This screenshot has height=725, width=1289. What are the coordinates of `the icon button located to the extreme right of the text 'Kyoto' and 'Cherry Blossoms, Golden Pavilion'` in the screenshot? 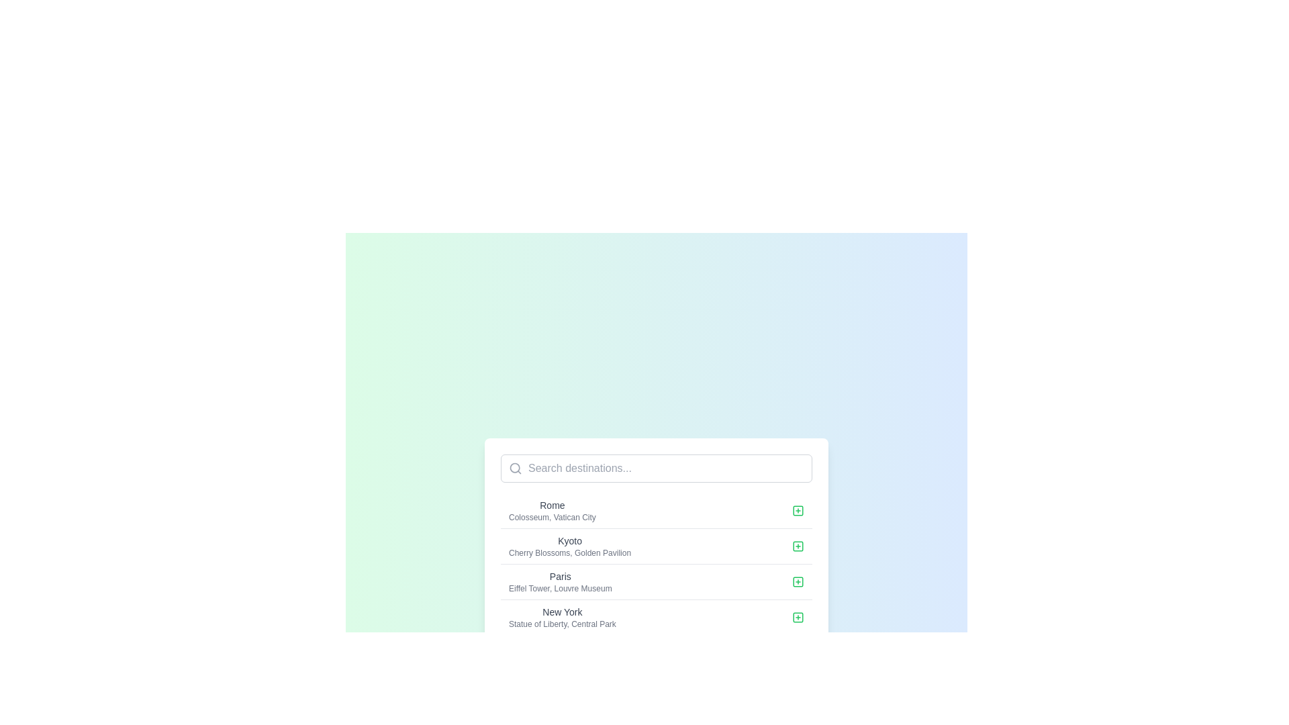 It's located at (798, 546).